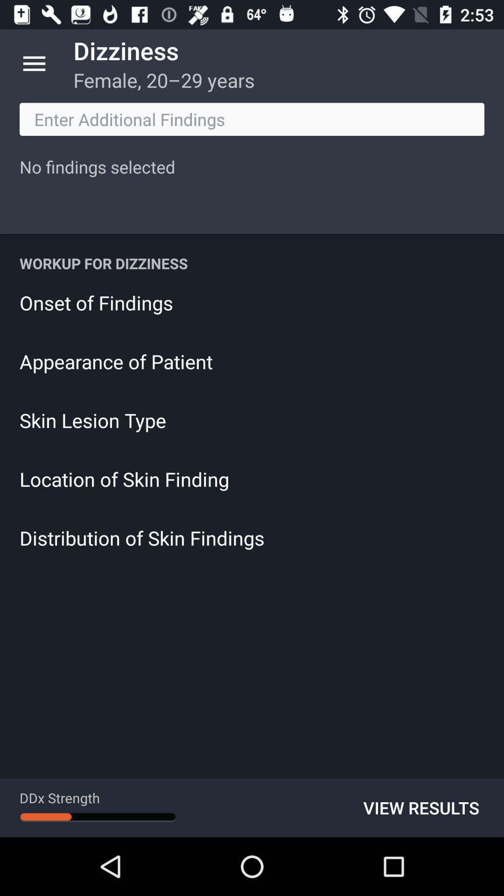 The height and width of the screenshot is (896, 504). Describe the element at coordinates (252, 263) in the screenshot. I see `the icon above the onset of findings` at that location.